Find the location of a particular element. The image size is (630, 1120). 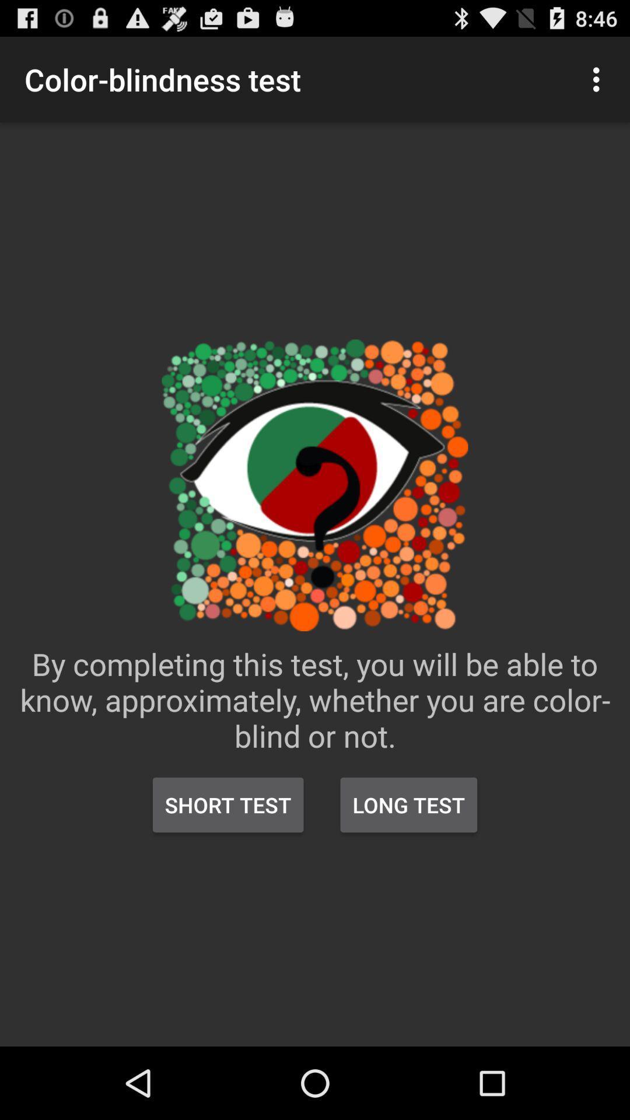

item next to the short test icon is located at coordinates (408, 804).